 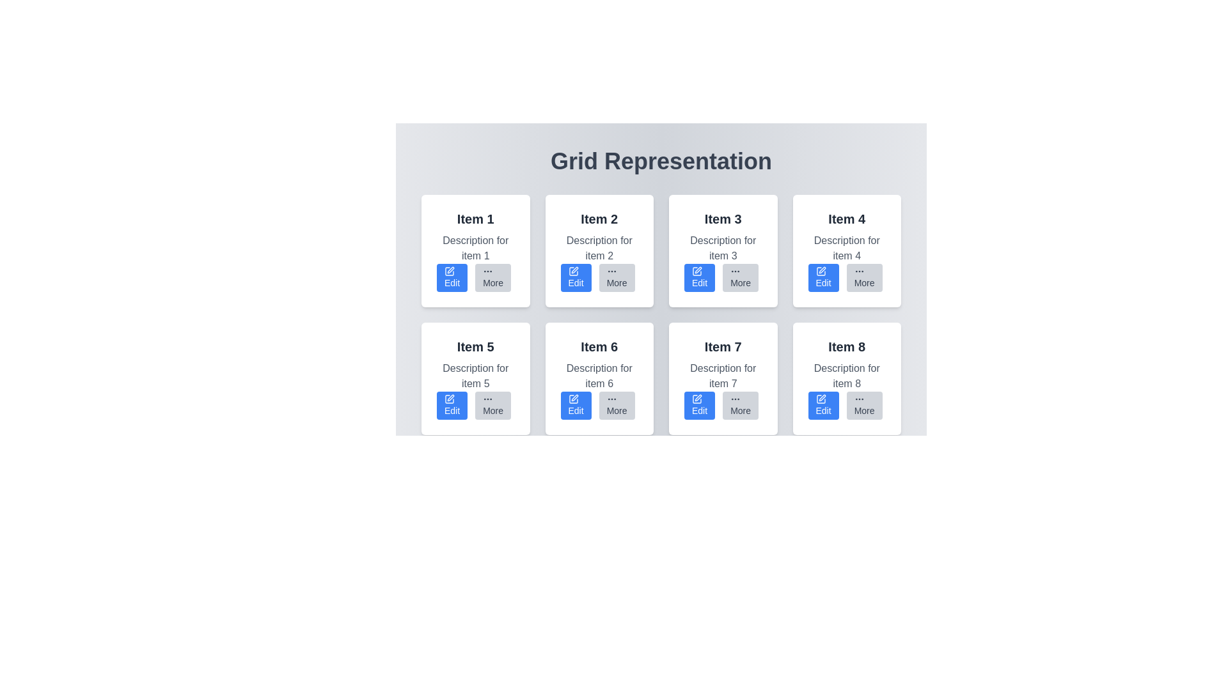 I want to click on the icon located under the card labelled 'Item 5' in the bottom row of the grid for accessibility navigation, so click(x=449, y=527).